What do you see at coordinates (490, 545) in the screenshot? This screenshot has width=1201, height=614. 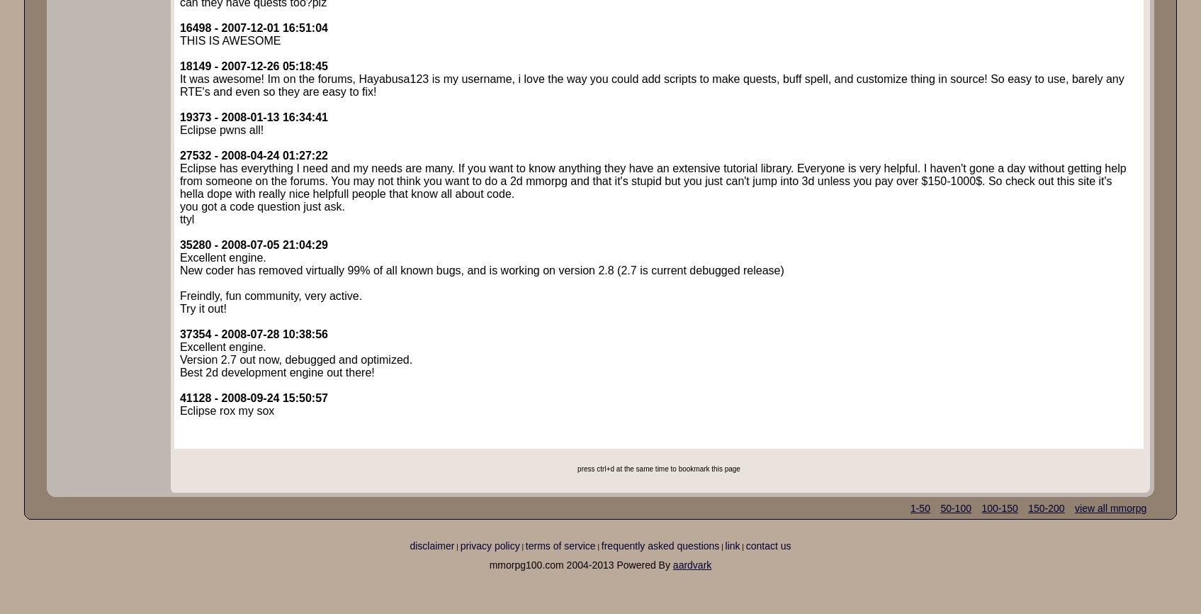 I see `'privacy policy'` at bounding box center [490, 545].